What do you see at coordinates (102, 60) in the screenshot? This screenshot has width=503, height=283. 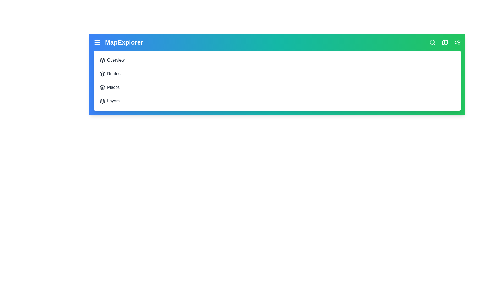 I see `the menu item Overview to navigate to the corresponding section` at bounding box center [102, 60].